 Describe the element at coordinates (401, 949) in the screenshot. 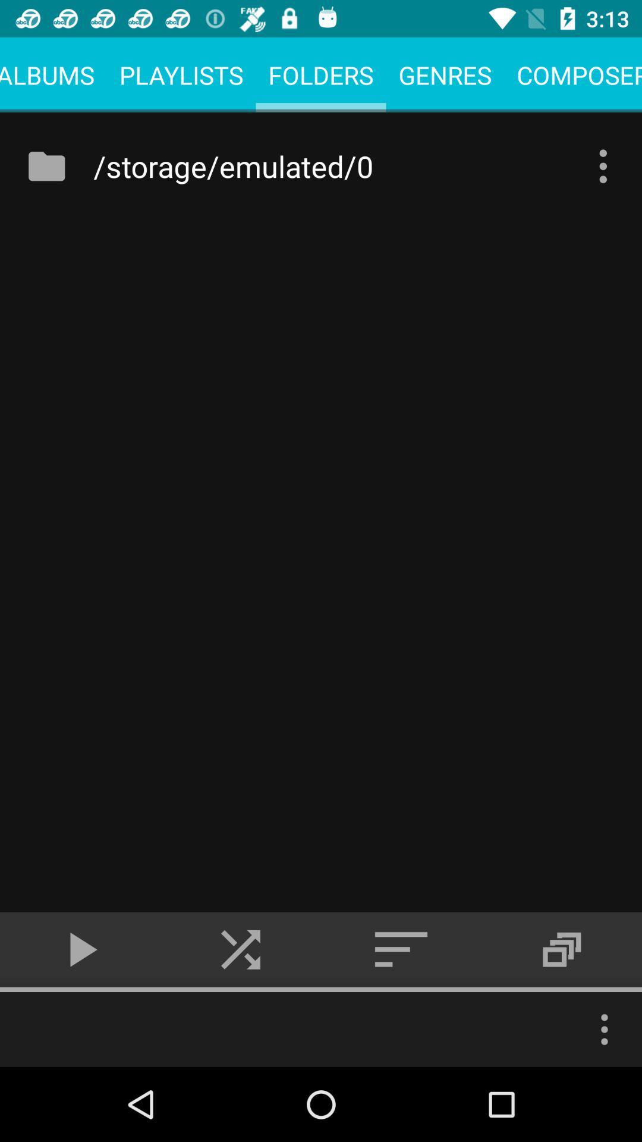

I see `the filter_list icon` at that location.